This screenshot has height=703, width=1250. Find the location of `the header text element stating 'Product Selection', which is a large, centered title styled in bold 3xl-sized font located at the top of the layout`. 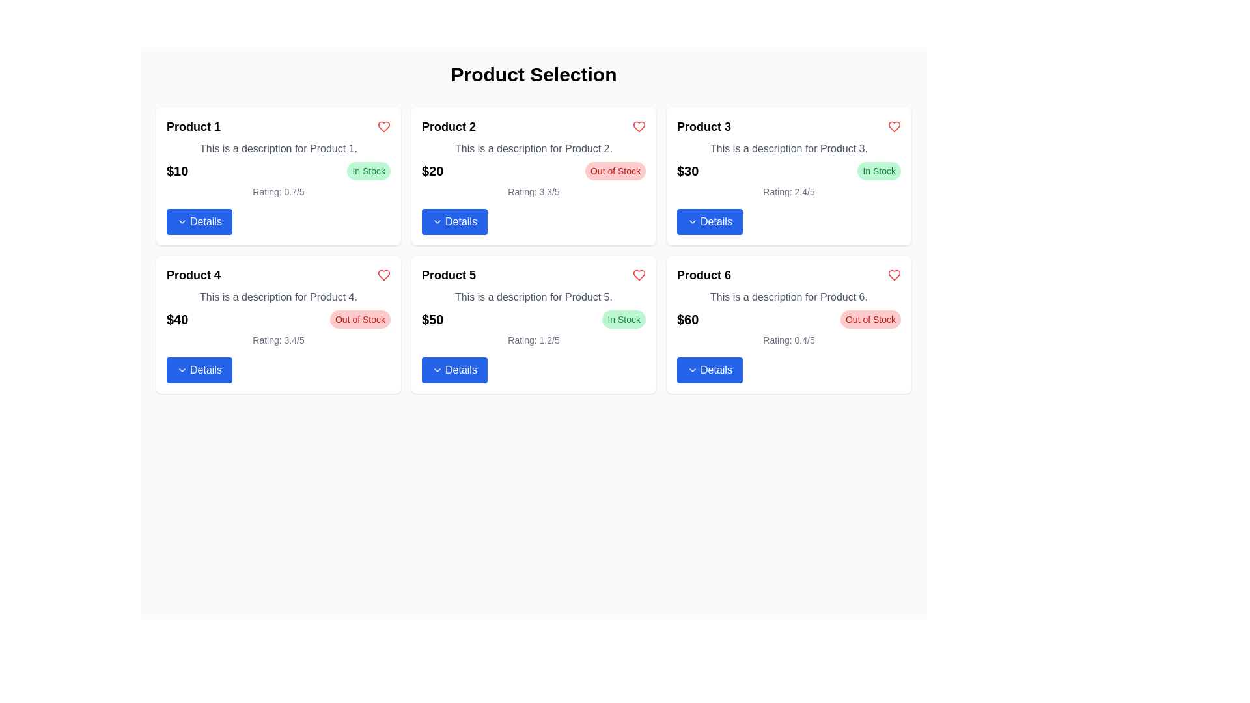

the header text element stating 'Product Selection', which is a large, centered title styled in bold 3xl-sized font located at the top of the layout is located at coordinates (534, 75).